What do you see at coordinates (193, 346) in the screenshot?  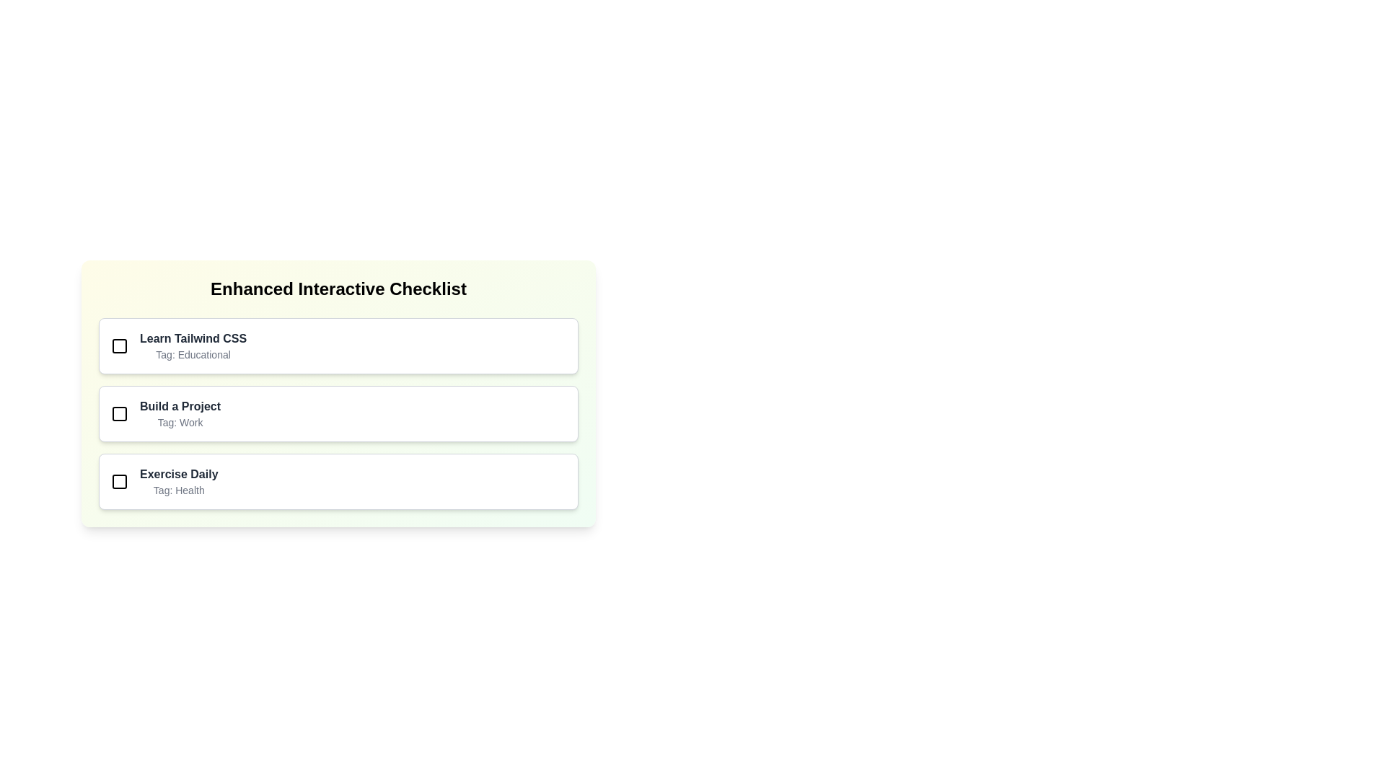 I see `the text label displaying the task title 'Learn Tailwind CSS' and its associated tag 'Educational', located in the first card of the 'Enhanced Interactive Checklist'` at bounding box center [193, 346].